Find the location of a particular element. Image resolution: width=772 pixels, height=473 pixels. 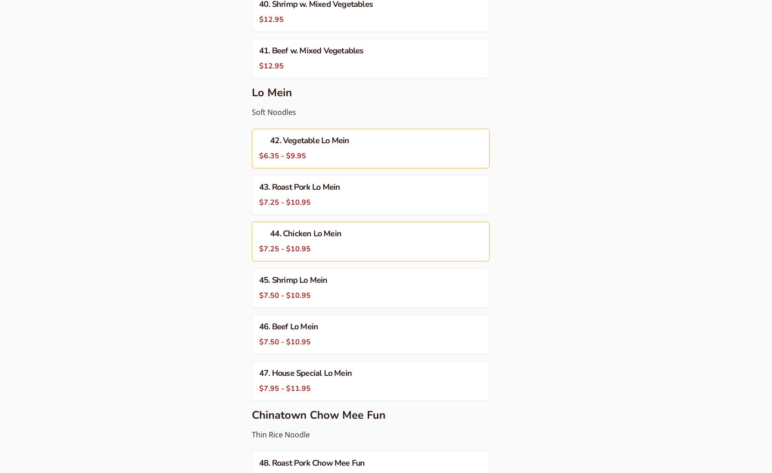

'$7.95 - $11.95' is located at coordinates (284, 388).